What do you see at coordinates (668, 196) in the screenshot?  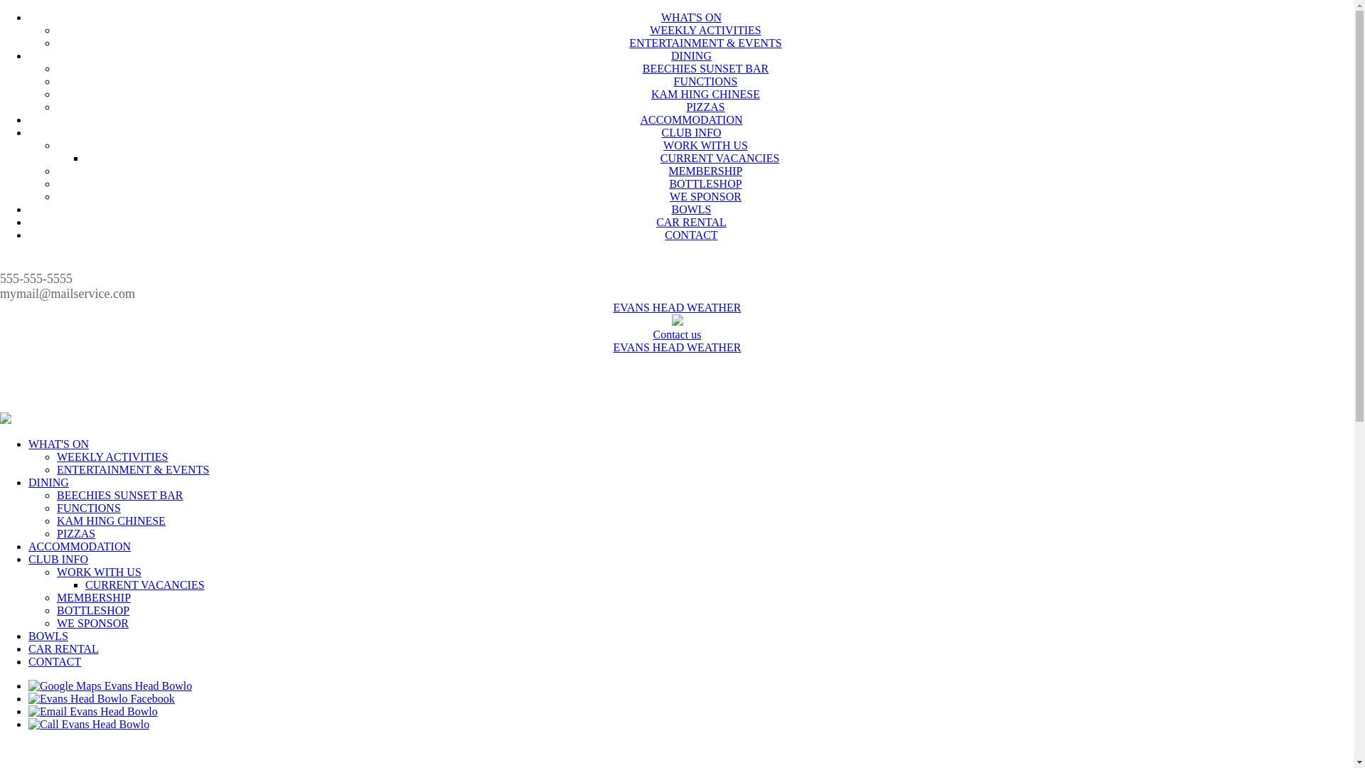 I see `'WE SPONSOR'` at bounding box center [668, 196].